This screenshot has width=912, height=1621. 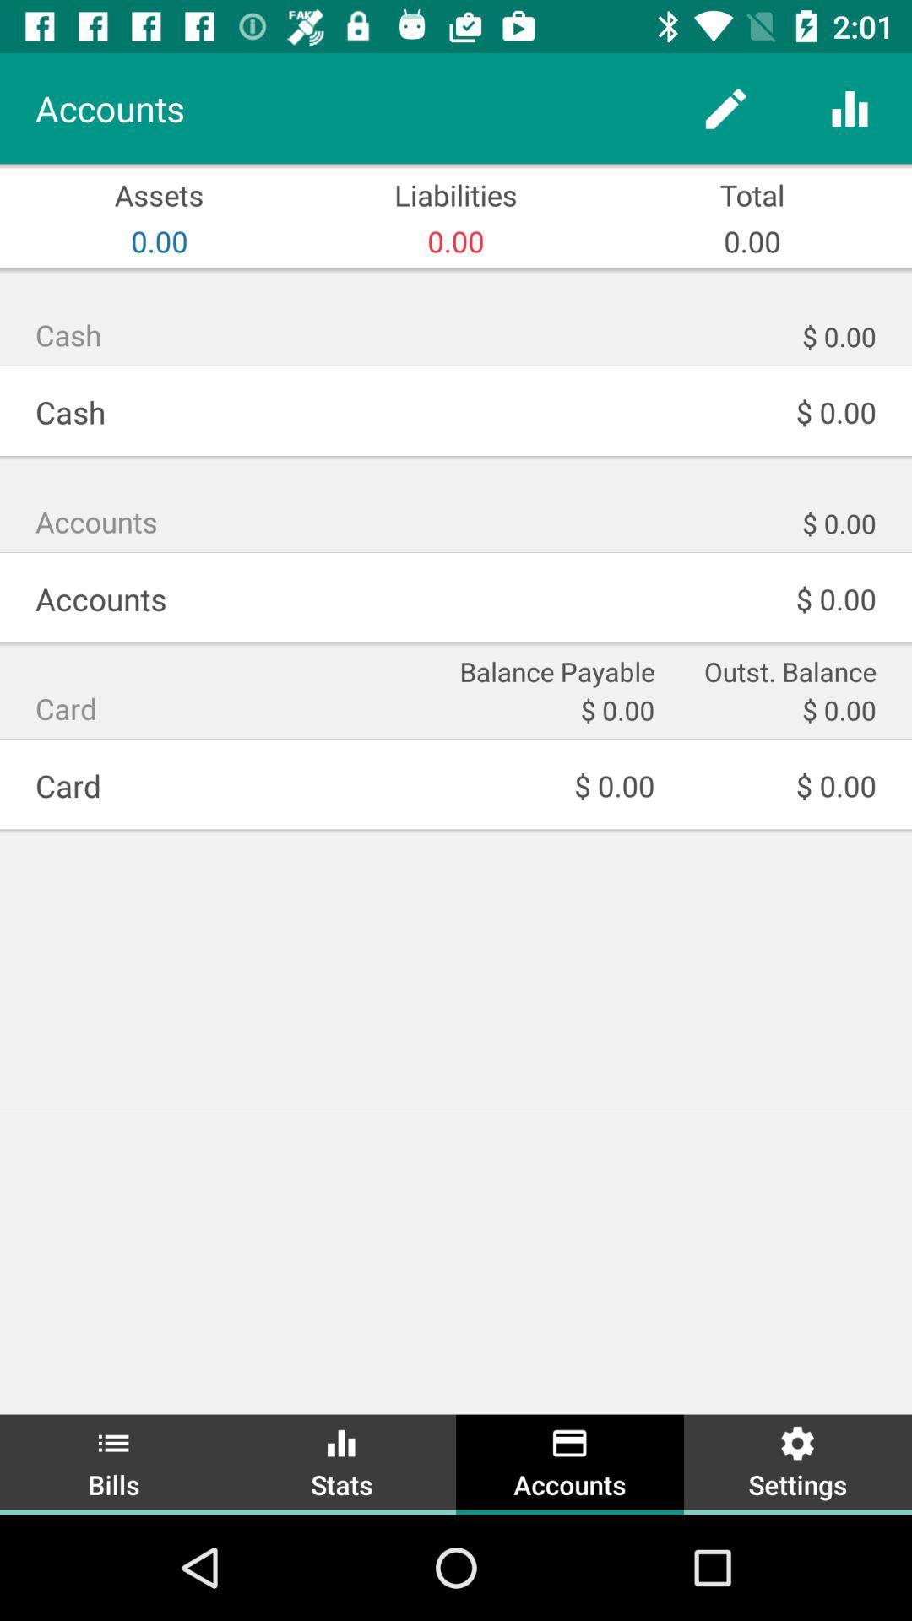 What do you see at coordinates (114, 1461) in the screenshot?
I see `the bills icon` at bounding box center [114, 1461].